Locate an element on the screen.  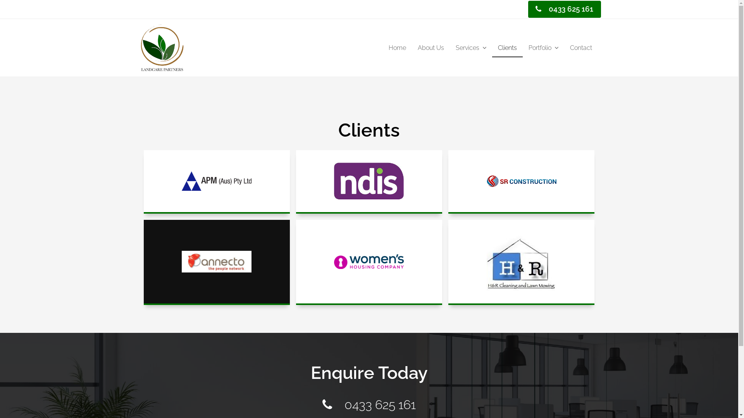
'Contact' is located at coordinates (564, 48).